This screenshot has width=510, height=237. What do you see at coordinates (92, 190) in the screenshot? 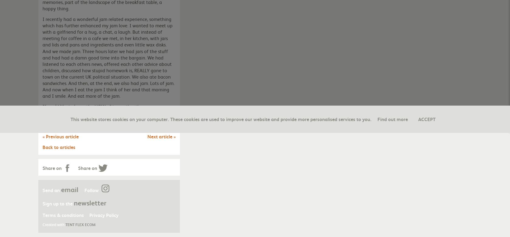
I see `'Follow'` at bounding box center [92, 190].